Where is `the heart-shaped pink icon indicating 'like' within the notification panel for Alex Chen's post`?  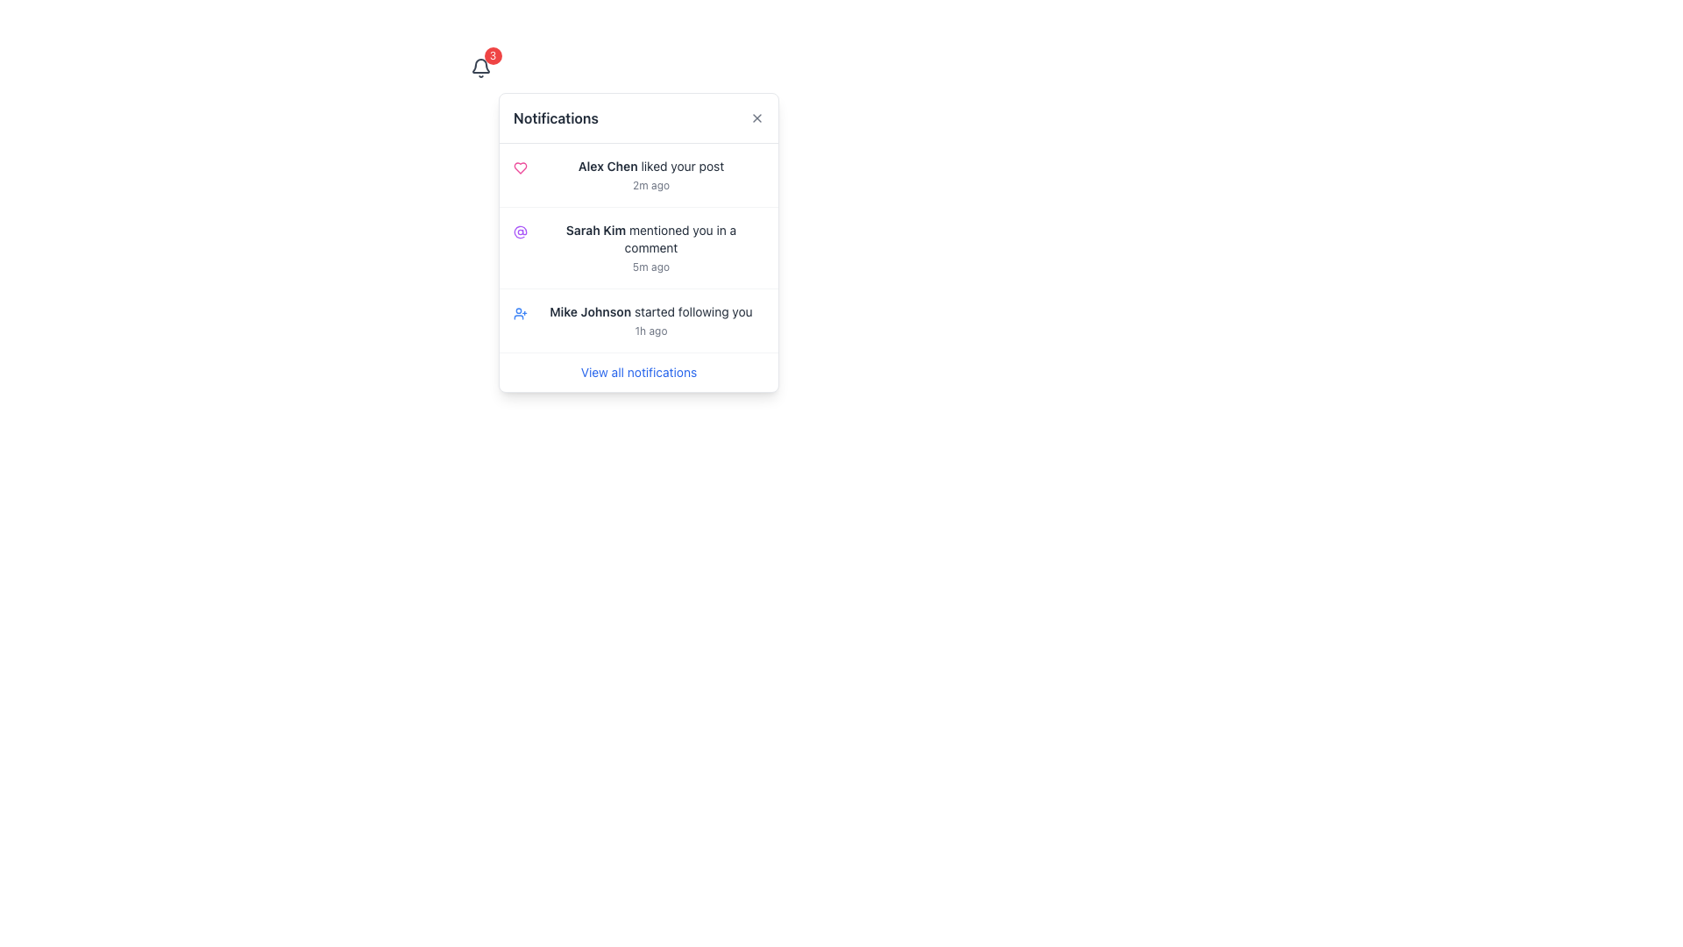
the heart-shaped pink icon indicating 'like' within the notification panel for Alex Chen's post is located at coordinates (520, 168).